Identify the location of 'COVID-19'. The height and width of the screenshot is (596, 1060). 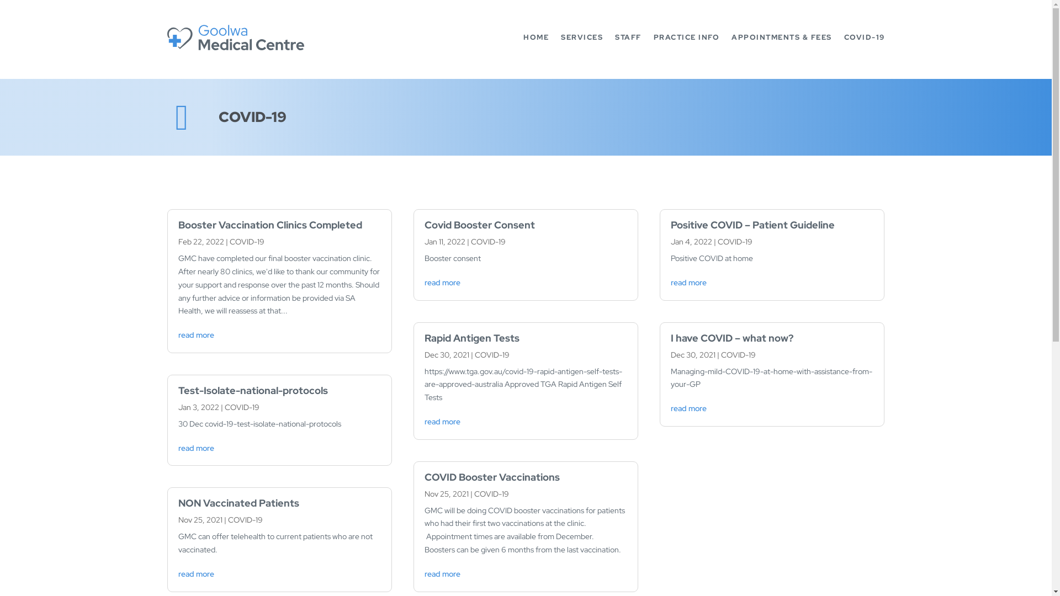
(491, 355).